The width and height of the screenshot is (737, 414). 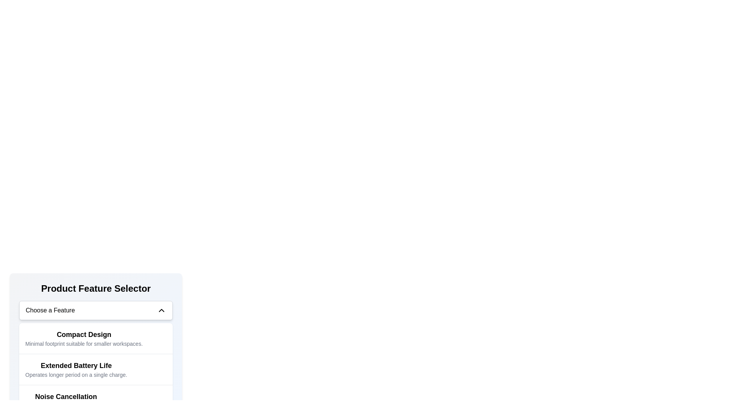 I want to click on the 'Noise Cancellation' label, which is styled in a bold and larger font, located in the 'Product Feature Selector' section, positioned between 'Extended Battery Life' and its subtext 'Experience uninterrupted serenity', so click(x=66, y=396).